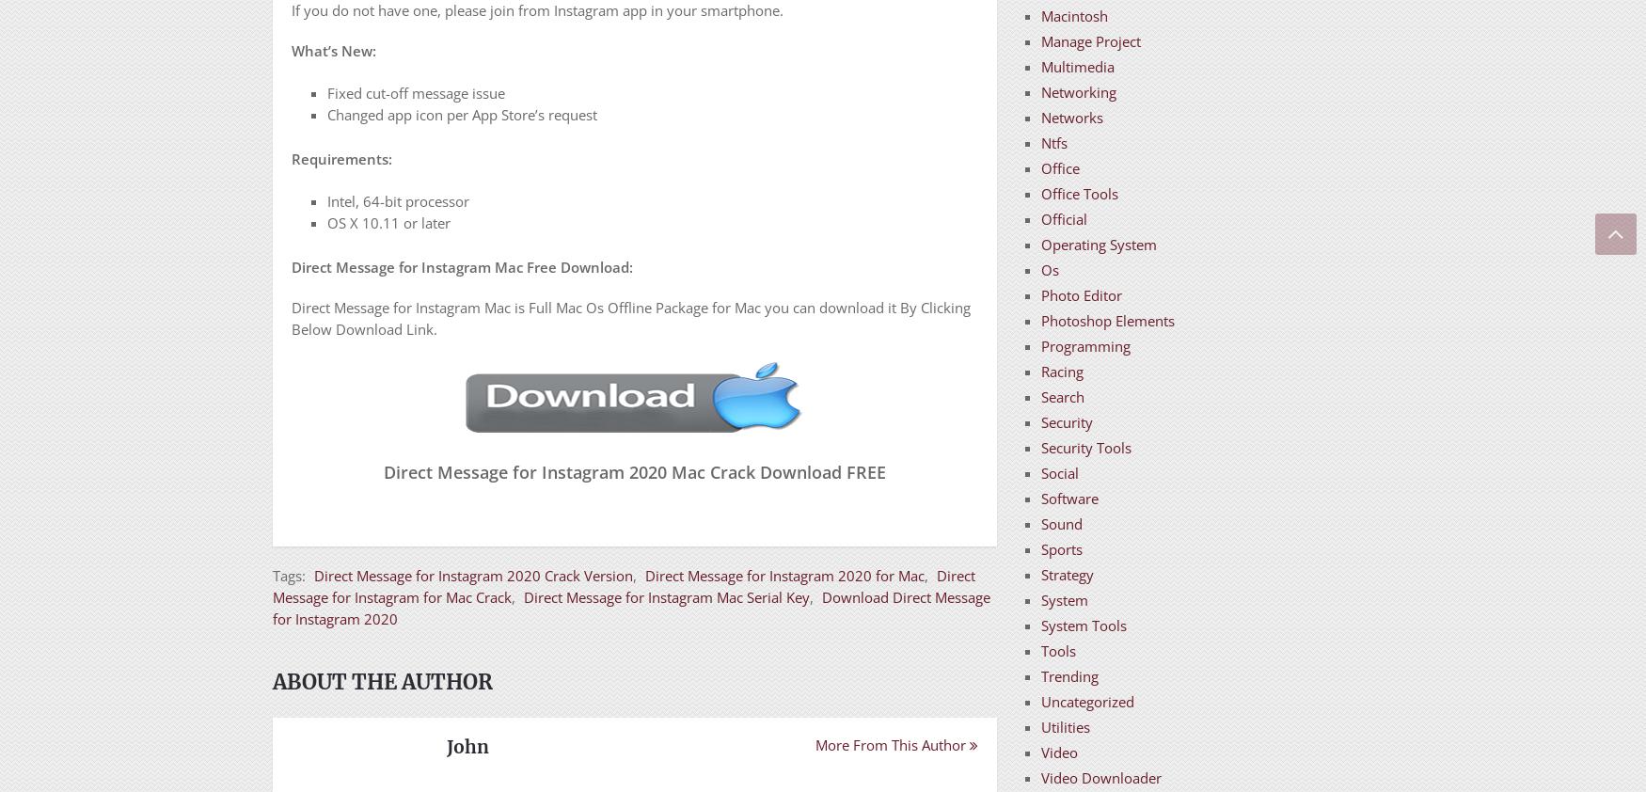  What do you see at coordinates (630, 607) in the screenshot?
I see `'Download Direct Message for Instagram 2020'` at bounding box center [630, 607].